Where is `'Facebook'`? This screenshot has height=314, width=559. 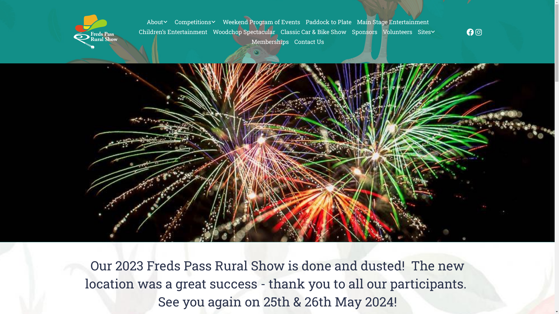 'Facebook' is located at coordinates (469, 31).